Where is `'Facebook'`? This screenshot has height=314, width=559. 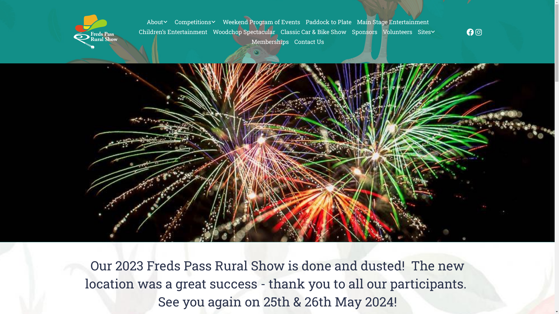 'Facebook' is located at coordinates (469, 31).